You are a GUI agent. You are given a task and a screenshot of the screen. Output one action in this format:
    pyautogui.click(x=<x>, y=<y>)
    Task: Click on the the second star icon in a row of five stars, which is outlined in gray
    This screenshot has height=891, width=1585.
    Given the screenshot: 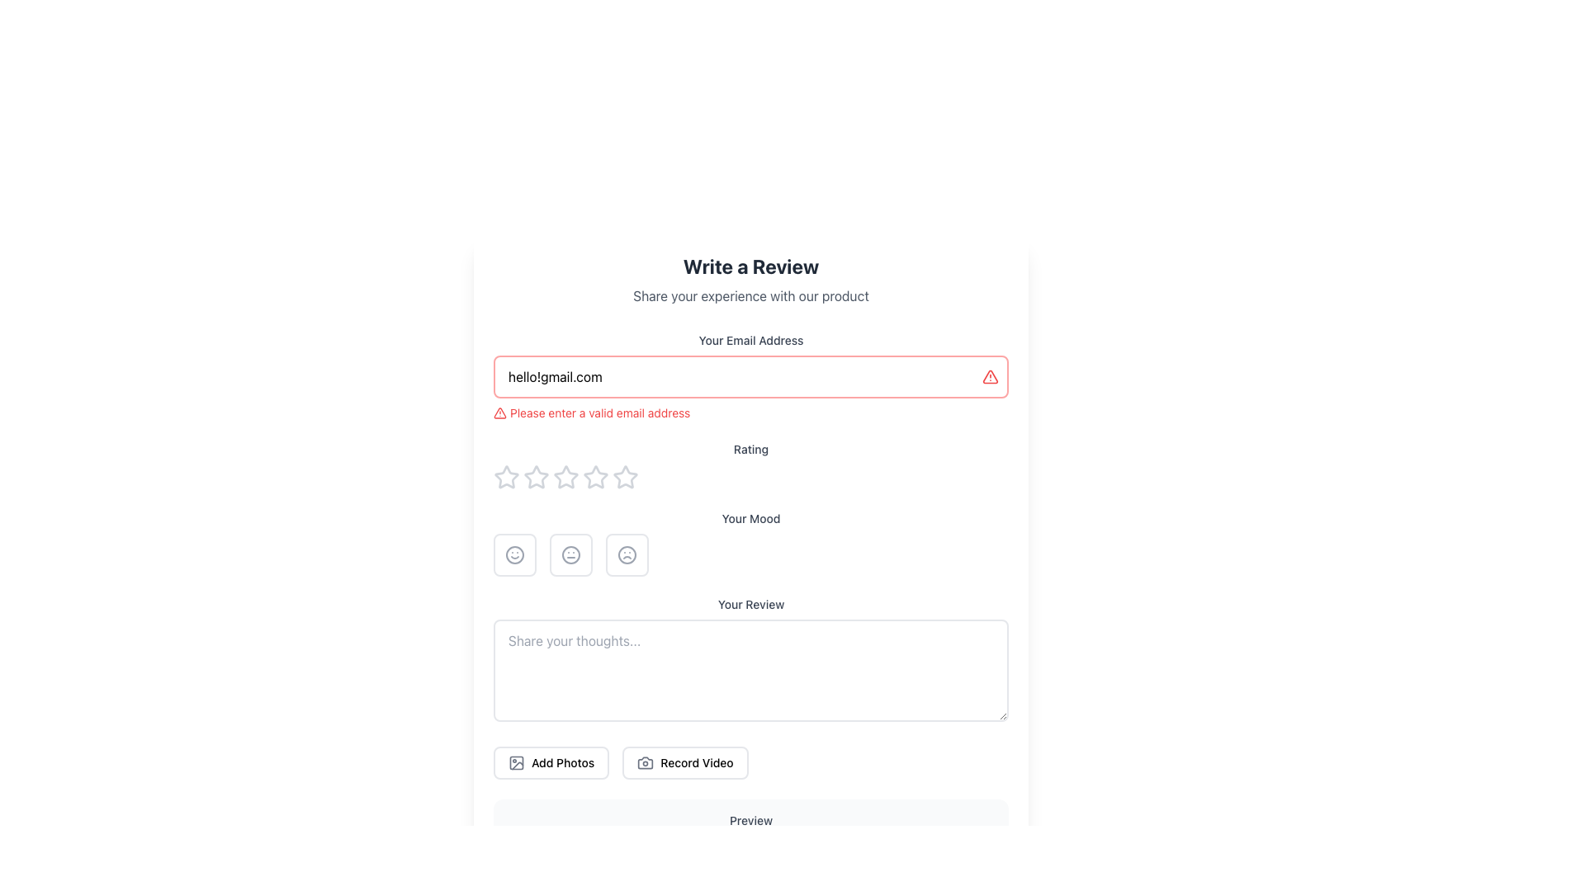 What is the action you would take?
    pyautogui.click(x=566, y=477)
    